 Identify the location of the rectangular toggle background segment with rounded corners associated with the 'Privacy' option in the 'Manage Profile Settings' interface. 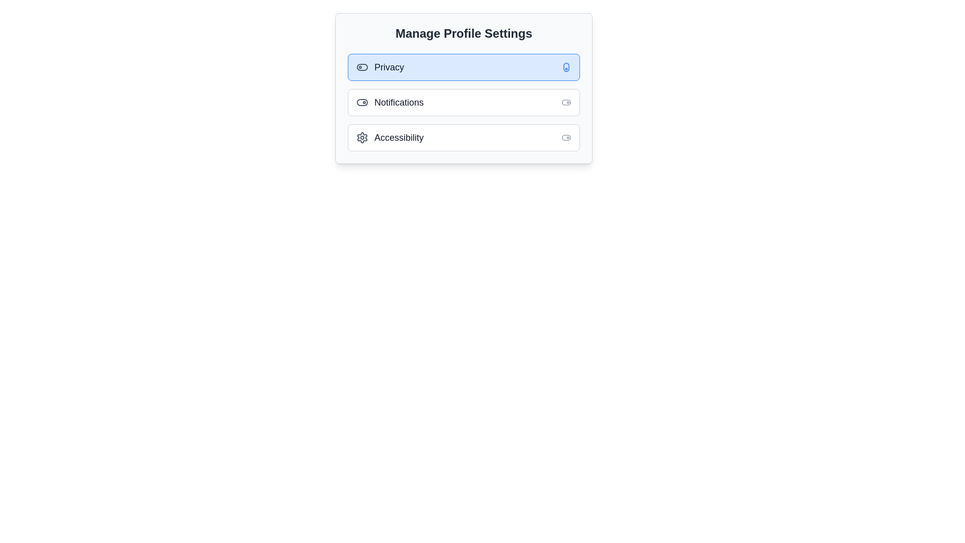
(362, 67).